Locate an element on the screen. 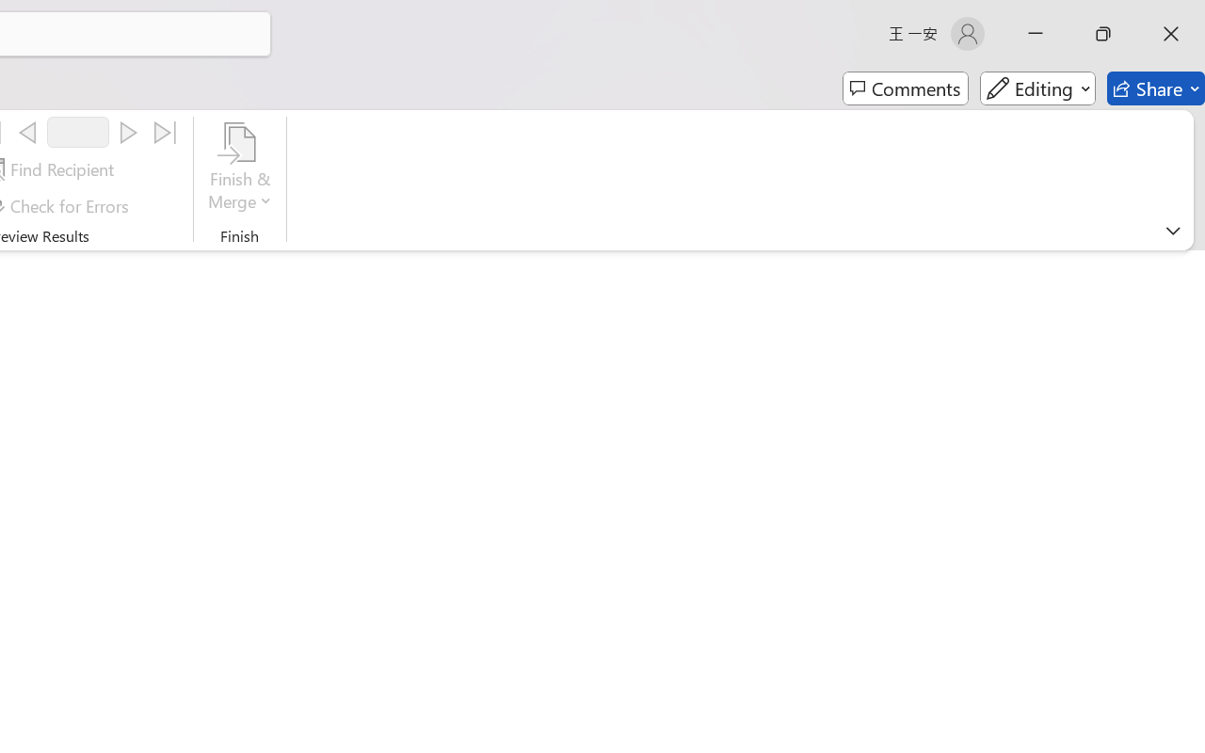 This screenshot has height=753, width=1205. 'Editing' is located at coordinates (1036, 88).